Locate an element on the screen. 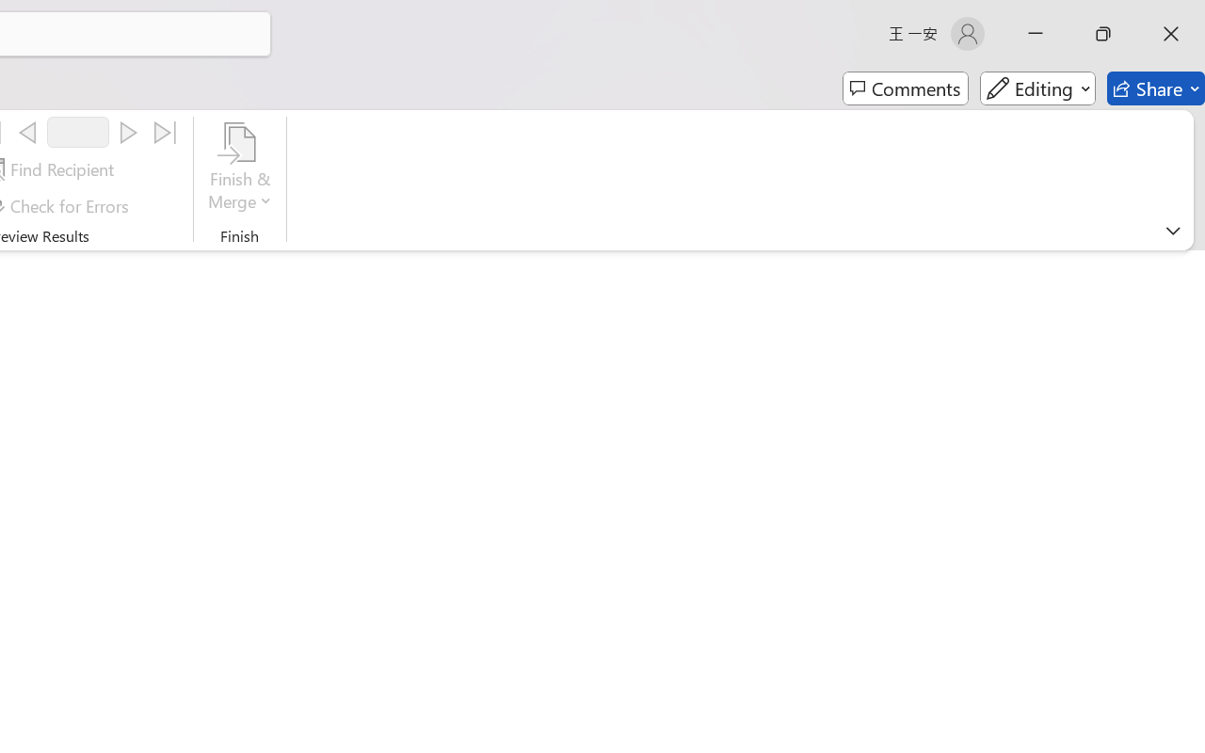 This screenshot has height=753, width=1205. 'Editing' is located at coordinates (1036, 88).